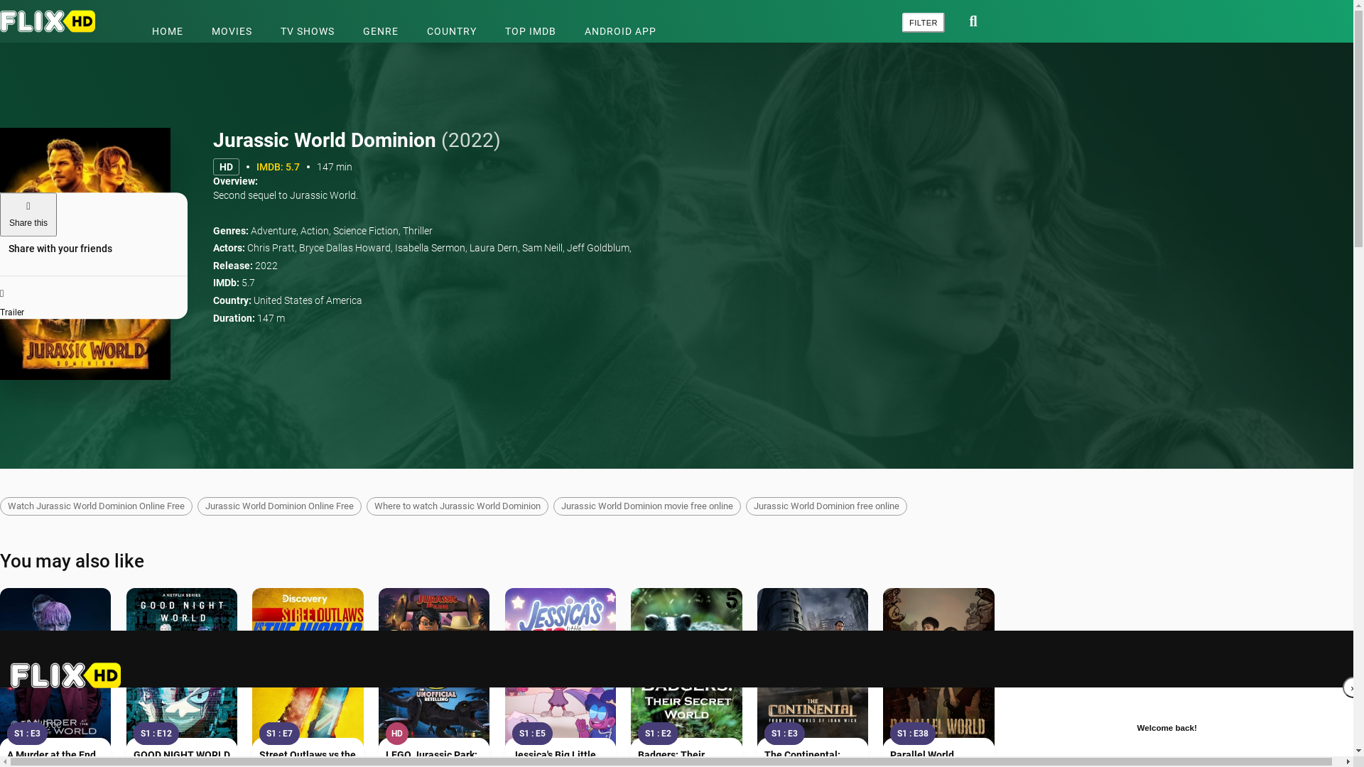 This screenshot has width=1364, height=767. I want to click on 'MOVIES', so click(197, 31).